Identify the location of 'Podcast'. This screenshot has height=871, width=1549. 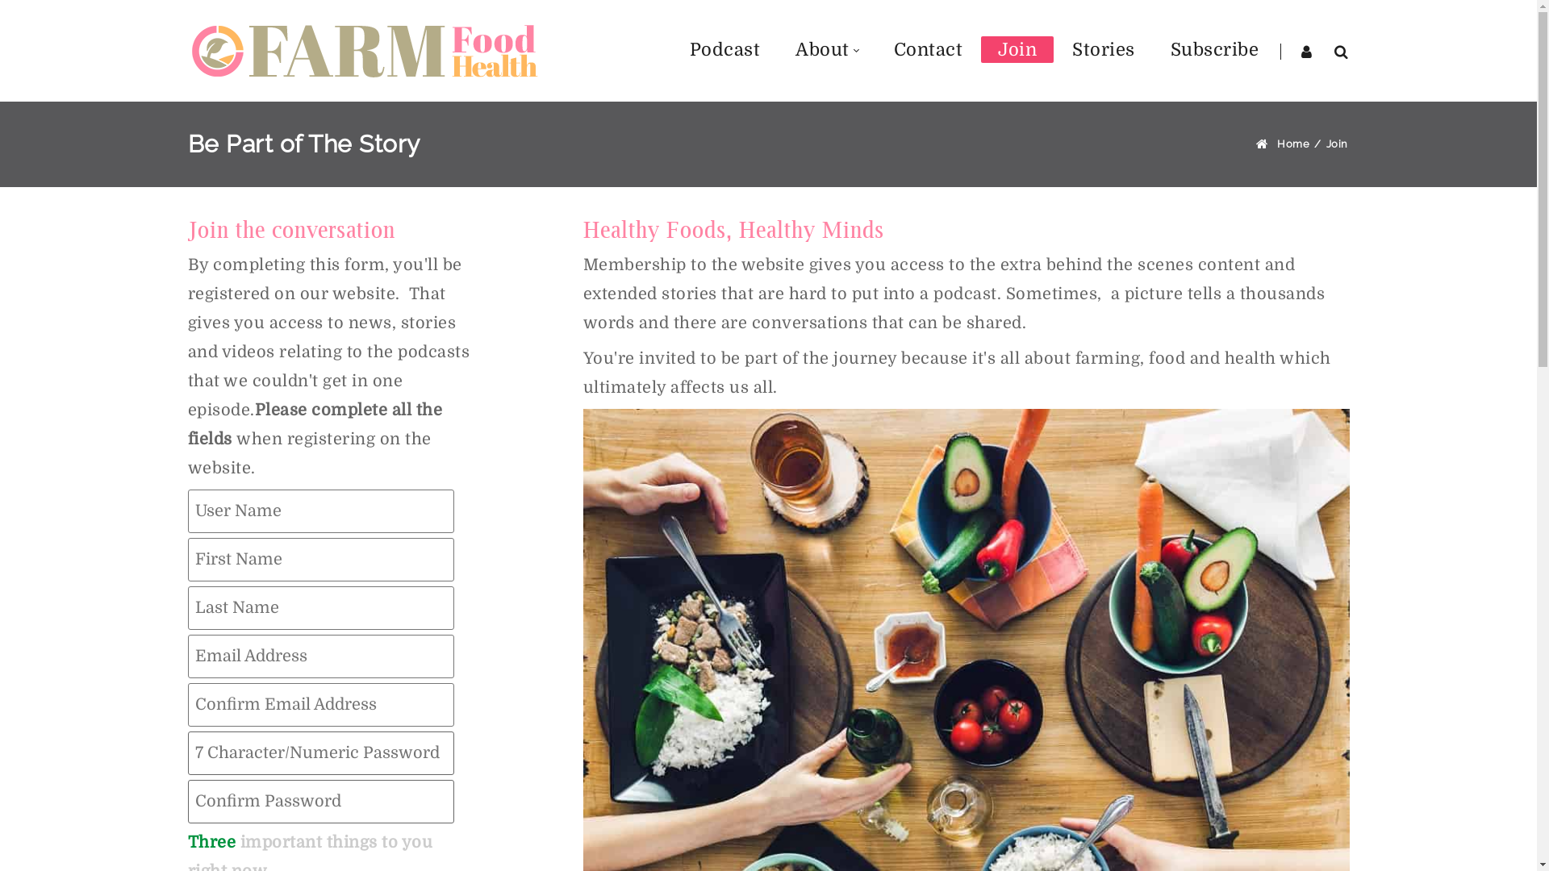
(724, 48).